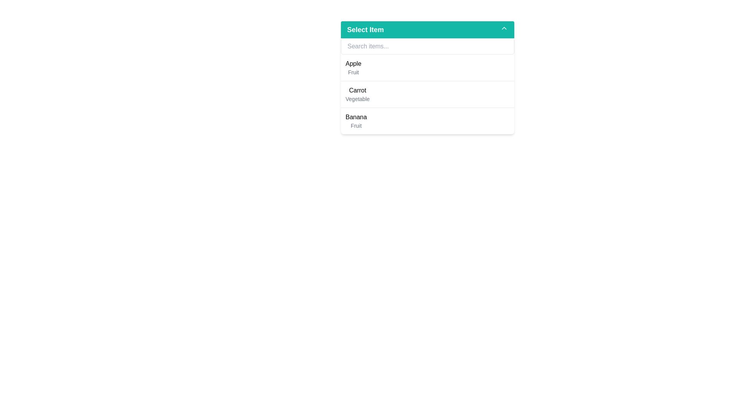  What do you see at coordinates (353, 72) in the screenshot?
I see `the text label categorizing 'Apple' as 'Fruit', which is positioned directly beneath the text 'Apple' in the dropdown list under the 'Select Item' header` at bounding box center [353, 72].